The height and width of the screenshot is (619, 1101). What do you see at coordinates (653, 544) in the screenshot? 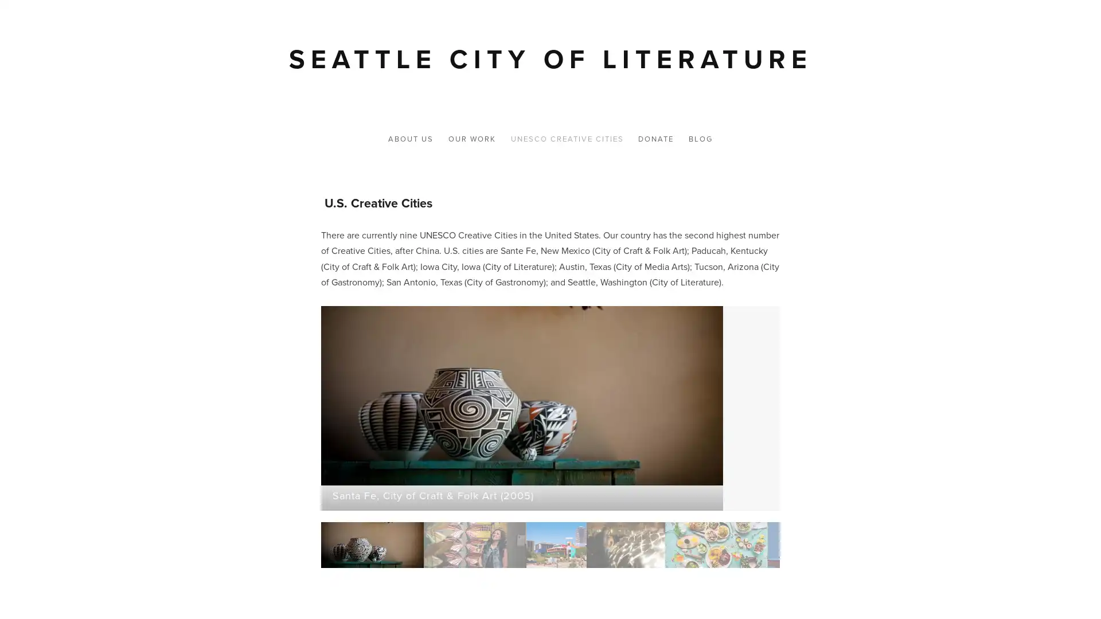
I see `Slide 6` at bounding box center [653, 544].